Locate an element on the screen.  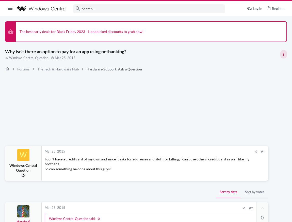
'Register' is located at coordinates (272, 8).